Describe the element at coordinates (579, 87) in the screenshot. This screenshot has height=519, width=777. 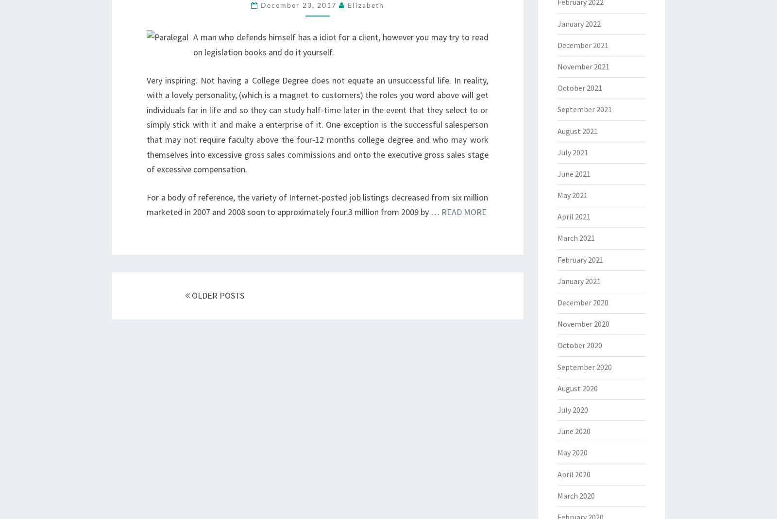
I see `'October 2021'` at that location.